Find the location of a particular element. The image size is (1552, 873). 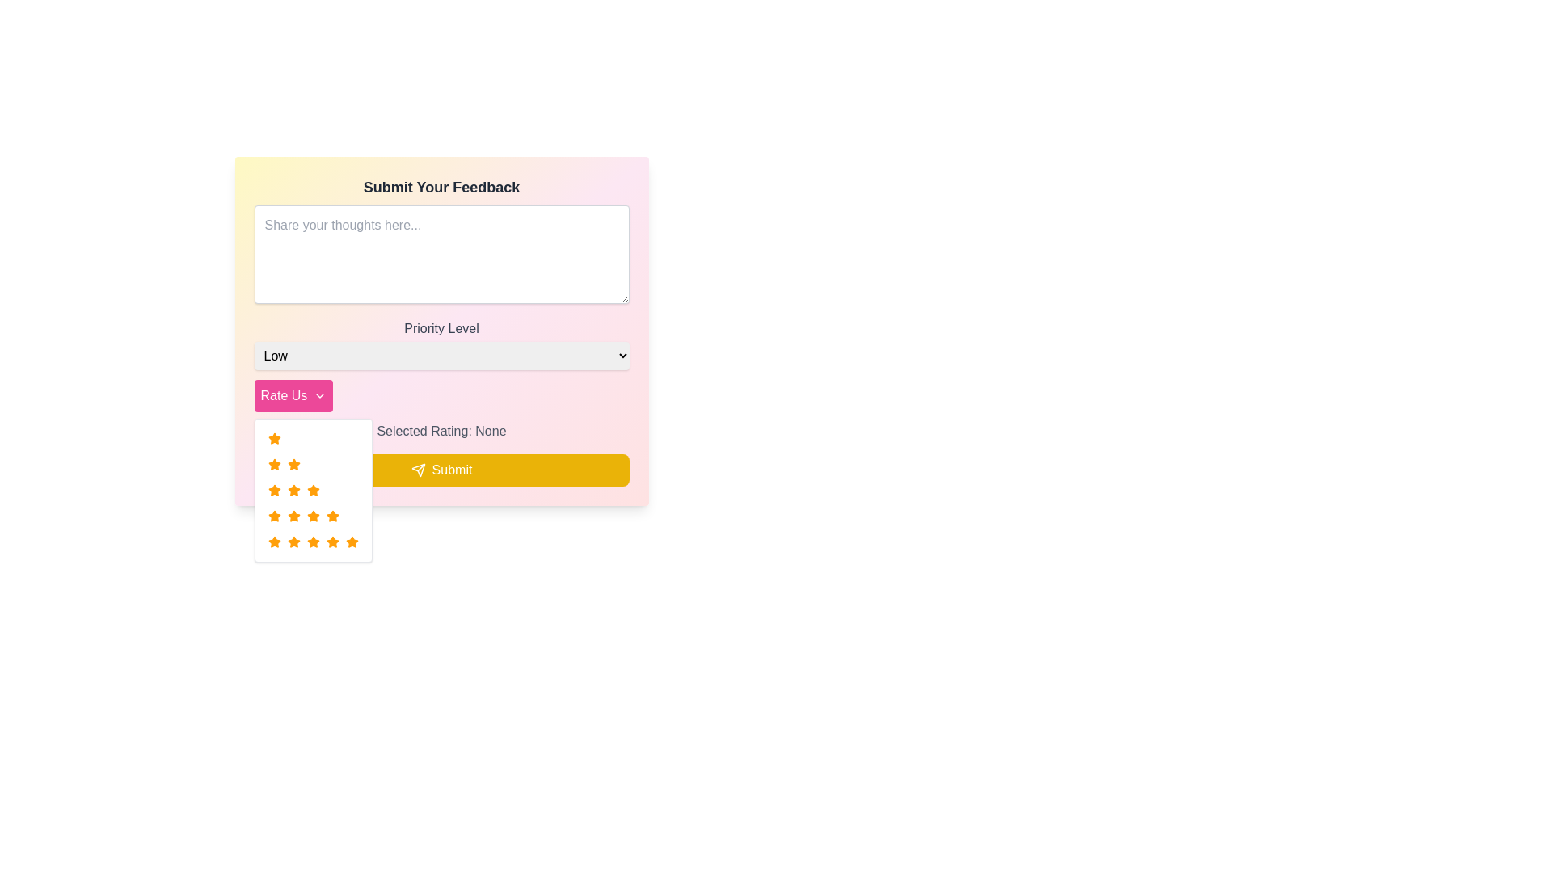

the triangular yellow send icon located near the lower-right corner of the feedback submission form, adjacent to the 'Submit' button is located at coordinates (418, 470).